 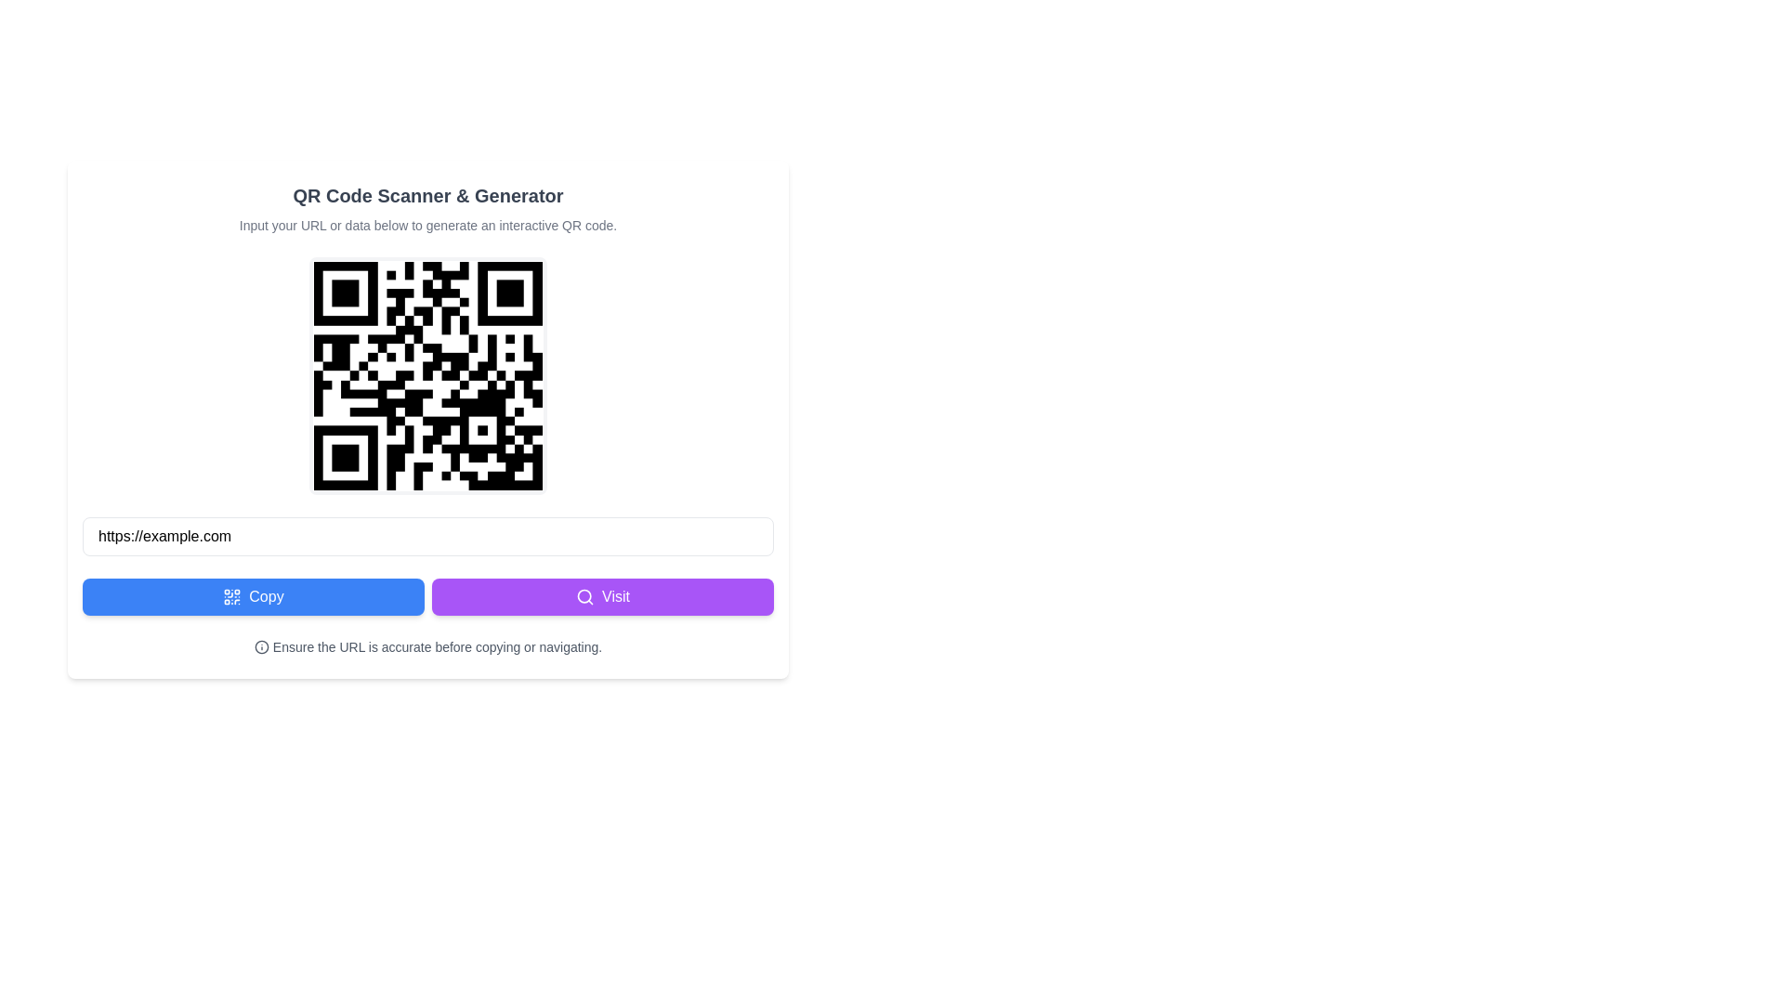 What do you see at coordinates (426, 196) in the screenshot?
I see `the bold and large text element displaying 'QR Code Scanner & Generator', which is prominently located near the top center of the interface` at bounding box center [426, 196].